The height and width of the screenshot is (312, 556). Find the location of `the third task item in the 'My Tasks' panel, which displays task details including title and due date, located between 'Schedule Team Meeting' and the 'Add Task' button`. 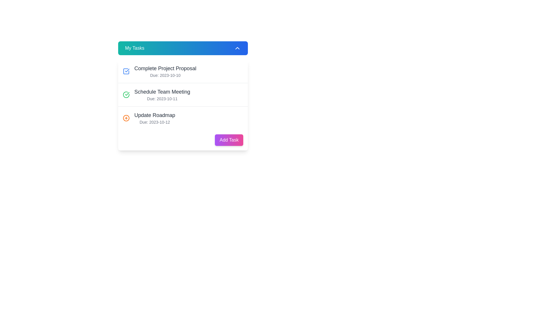

the third task item in the 'My Tasks' panel, which displays task details including title and due date, located between 'Schedule Team Meeting' and the 'Add Task' button is located at coordinates (183, 118).